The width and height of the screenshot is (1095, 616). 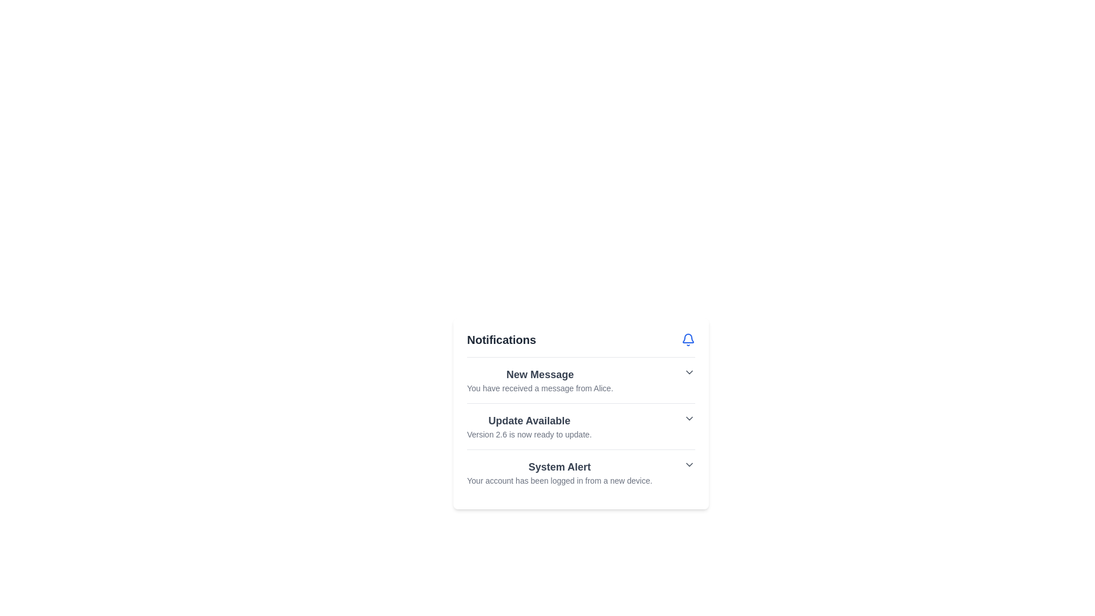 What do you see at coordinates (687, 339) in the screenshot?
I see `the bell icon to access notifications` at bounding box center [687, 339].